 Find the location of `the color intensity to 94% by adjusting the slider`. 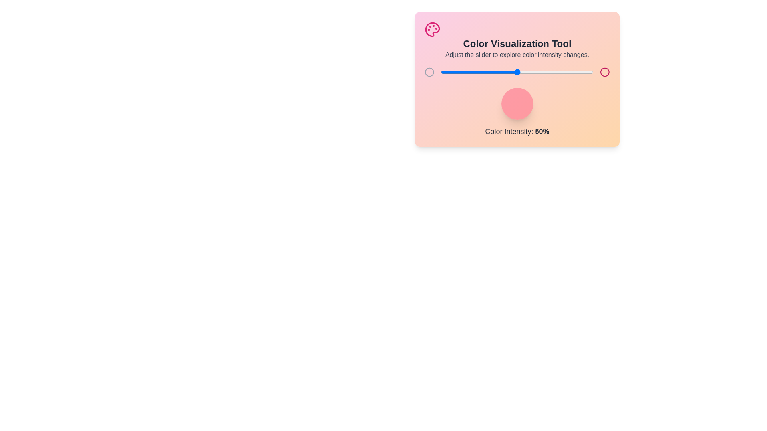

the color intensity to 94% by adjusting the slider is located at coordinates (584, 72).